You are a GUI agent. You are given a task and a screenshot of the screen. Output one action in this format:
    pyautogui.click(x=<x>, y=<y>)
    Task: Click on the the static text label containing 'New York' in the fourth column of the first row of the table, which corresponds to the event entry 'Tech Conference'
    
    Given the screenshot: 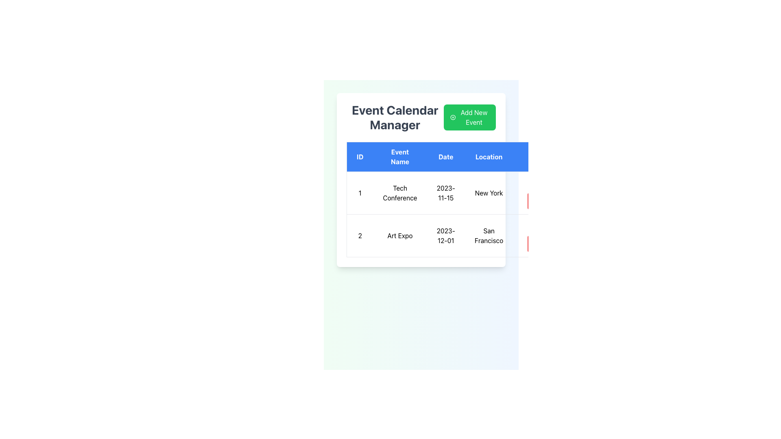 What is the action you would take?
    pyautogui.click(x=489, y=193)
    